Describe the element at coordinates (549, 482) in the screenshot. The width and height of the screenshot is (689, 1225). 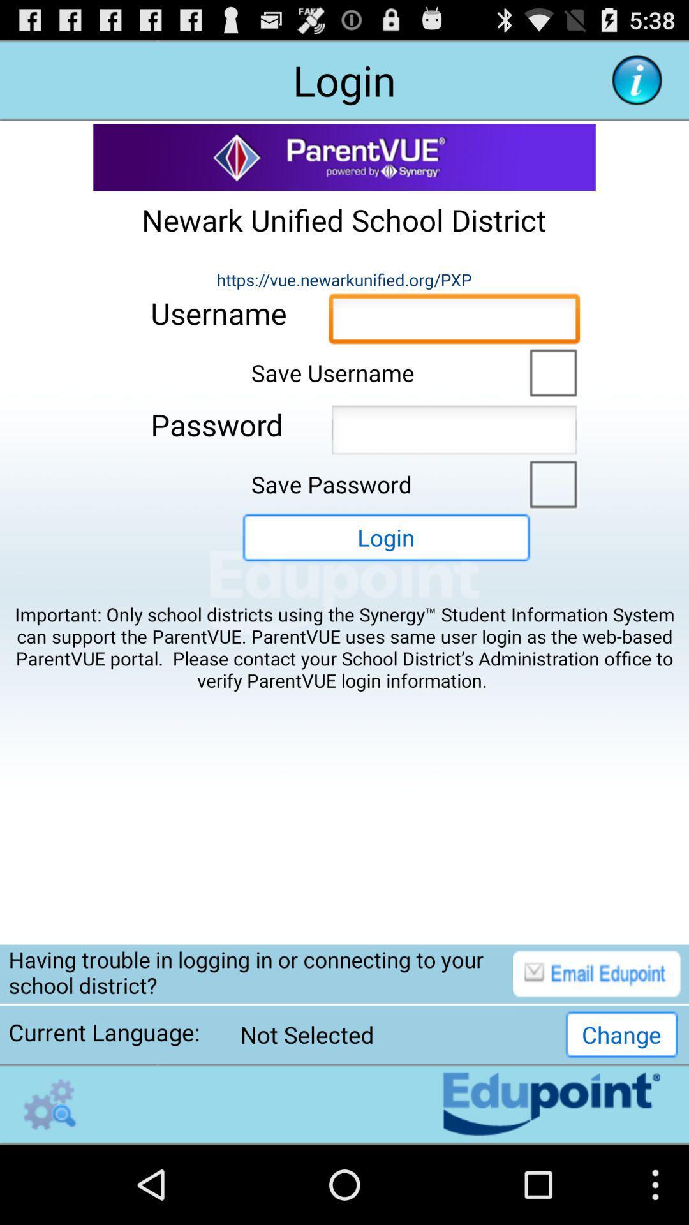
I see `switch autoplay option` at that location.